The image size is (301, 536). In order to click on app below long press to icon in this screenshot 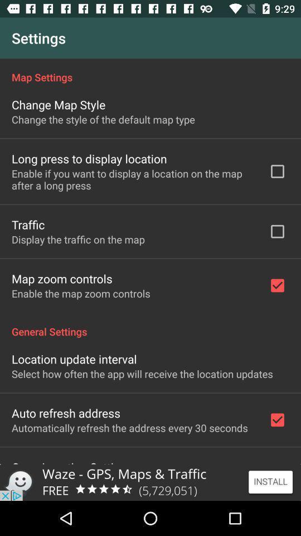, I will do `click(133, 179)`.